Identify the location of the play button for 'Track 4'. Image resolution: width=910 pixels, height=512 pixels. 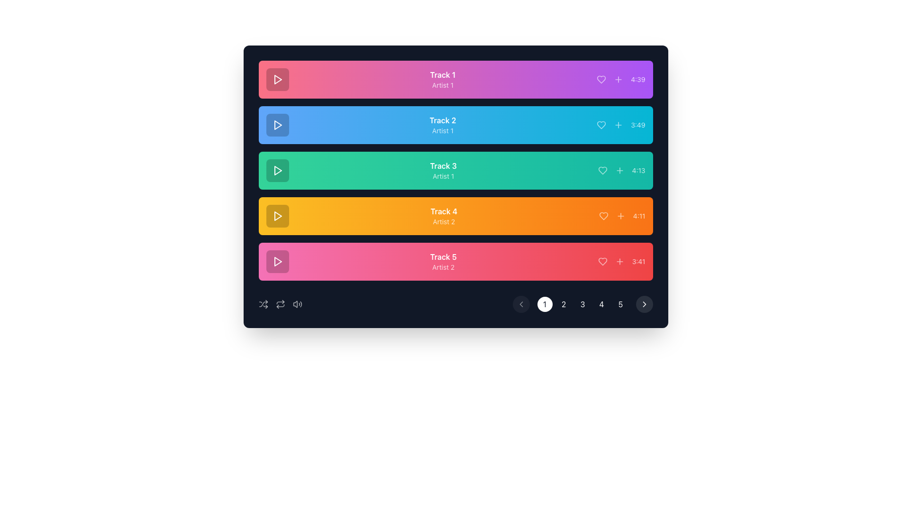
(277, 216).